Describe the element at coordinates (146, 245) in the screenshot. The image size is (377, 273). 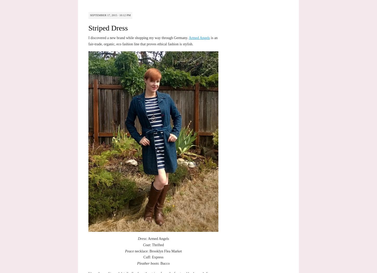
I see `'Coat'` at that location.